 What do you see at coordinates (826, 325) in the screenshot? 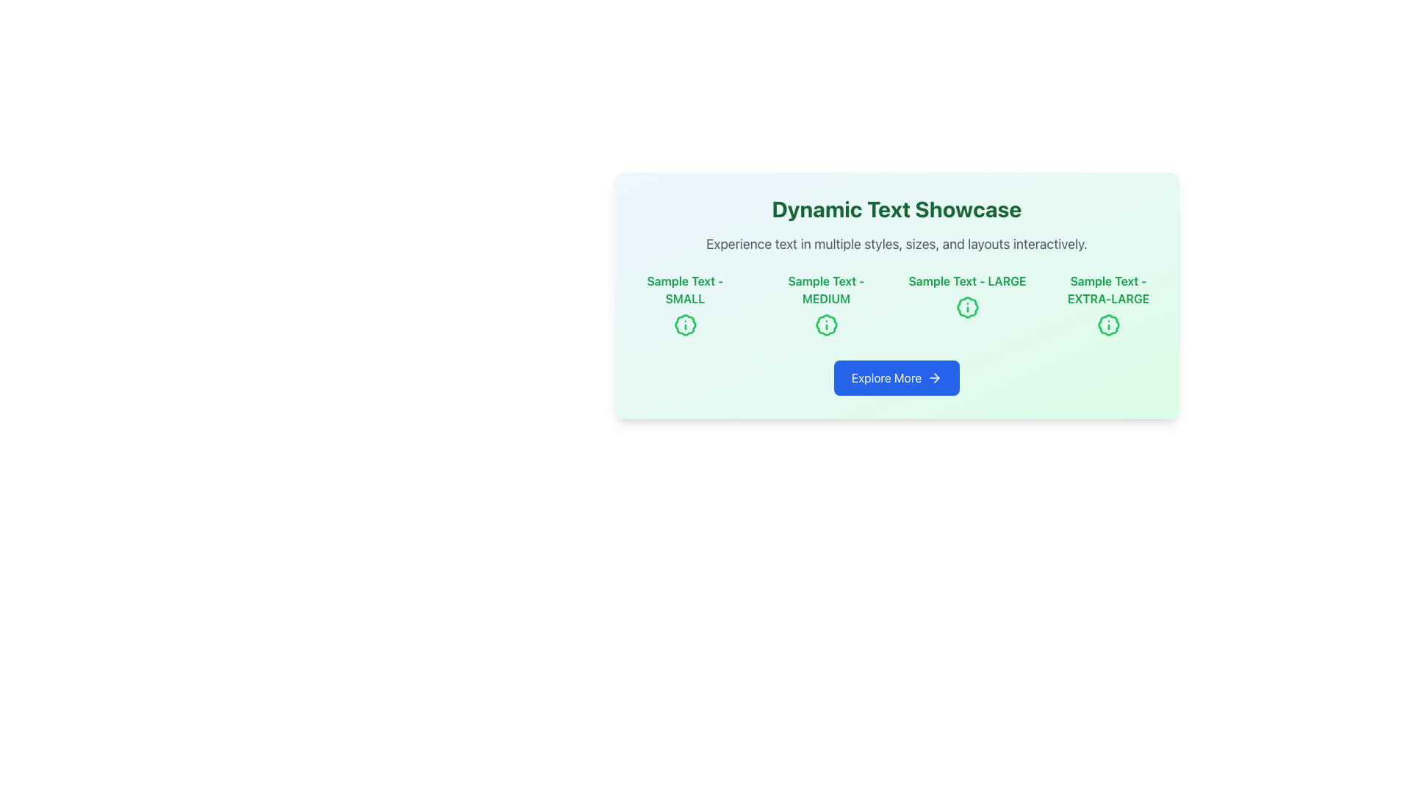
I see `the 'MEDIUM' badge graphical icon located above the label in the 'Dynamic Text Showcase' section to inspect its functionality` at bounding box center [826, 325].